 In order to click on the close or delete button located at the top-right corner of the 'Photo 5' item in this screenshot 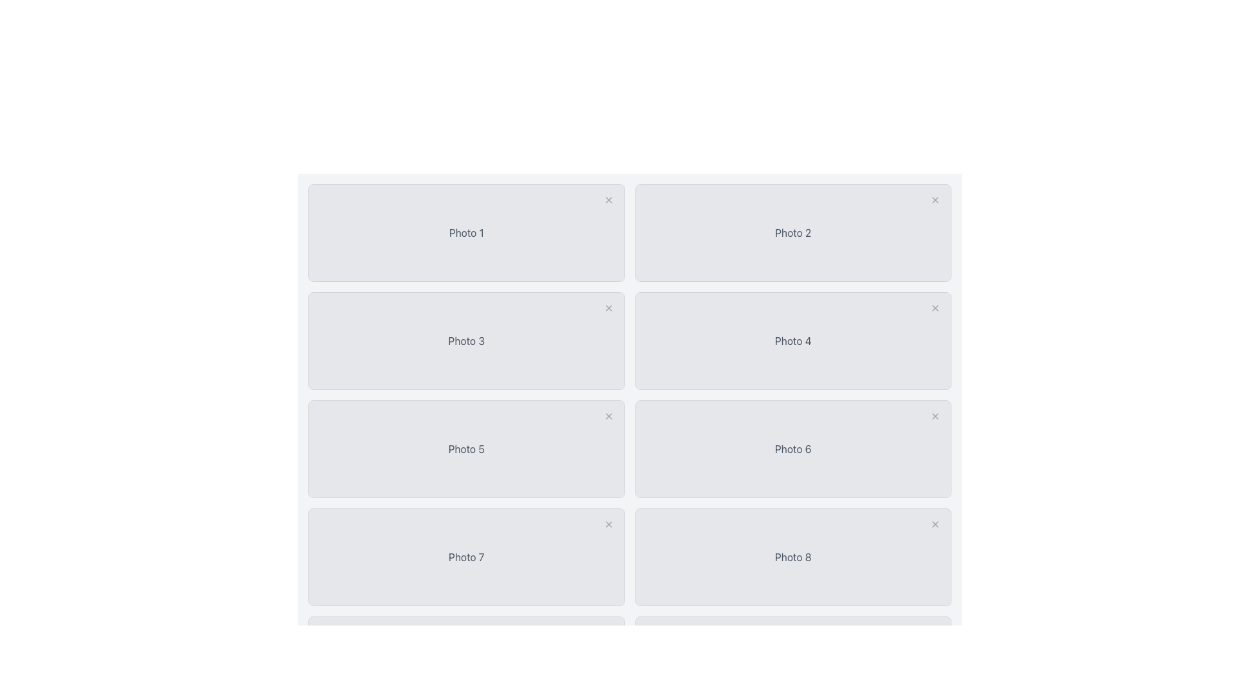, I will do `click(608, 416)`.